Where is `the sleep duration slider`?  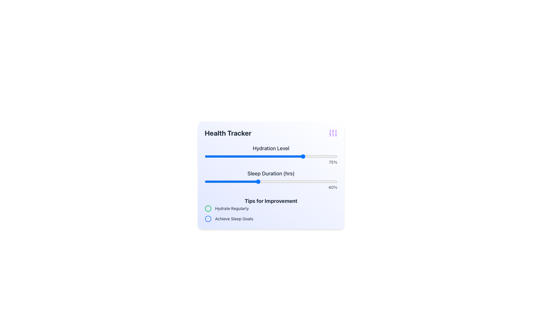 the sleep duration slider is located at coordinates (287, 182).